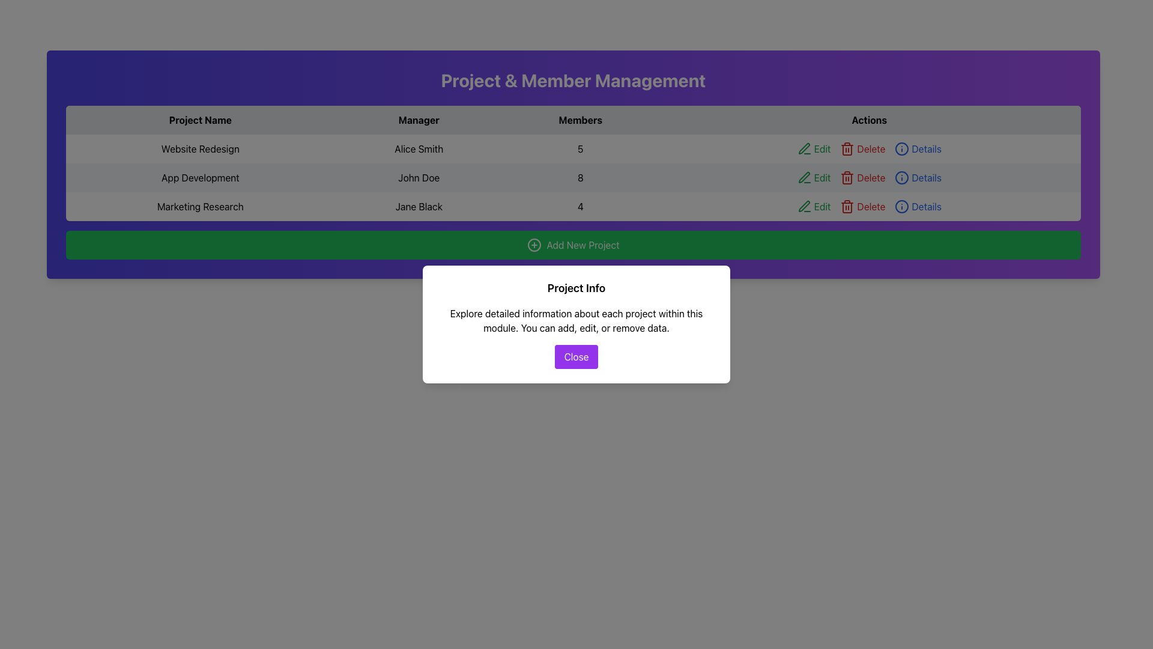  Describe the element at coordinates (804, 178) in the screenshot. I see `the green pen icon labeled 'Edit' in the second row of the table under the 'Actions' column to invoke the edit action` at that location.